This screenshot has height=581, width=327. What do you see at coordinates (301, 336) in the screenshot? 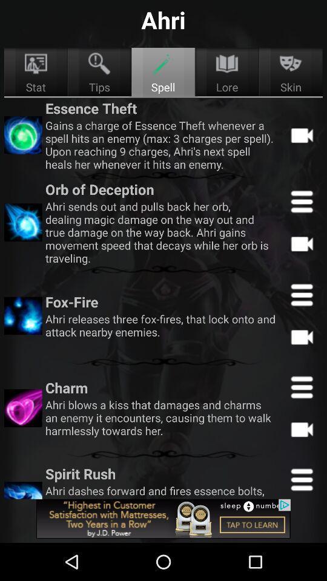
I see `watch video option` at bounding box center [301, 336].